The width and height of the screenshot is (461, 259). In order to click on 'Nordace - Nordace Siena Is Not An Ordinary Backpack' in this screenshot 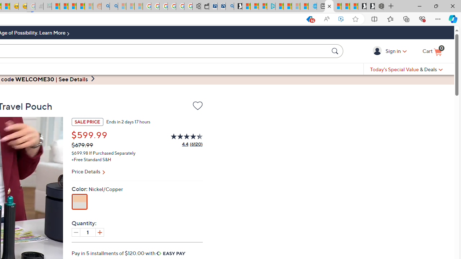, I will do `click(379, 6)`.